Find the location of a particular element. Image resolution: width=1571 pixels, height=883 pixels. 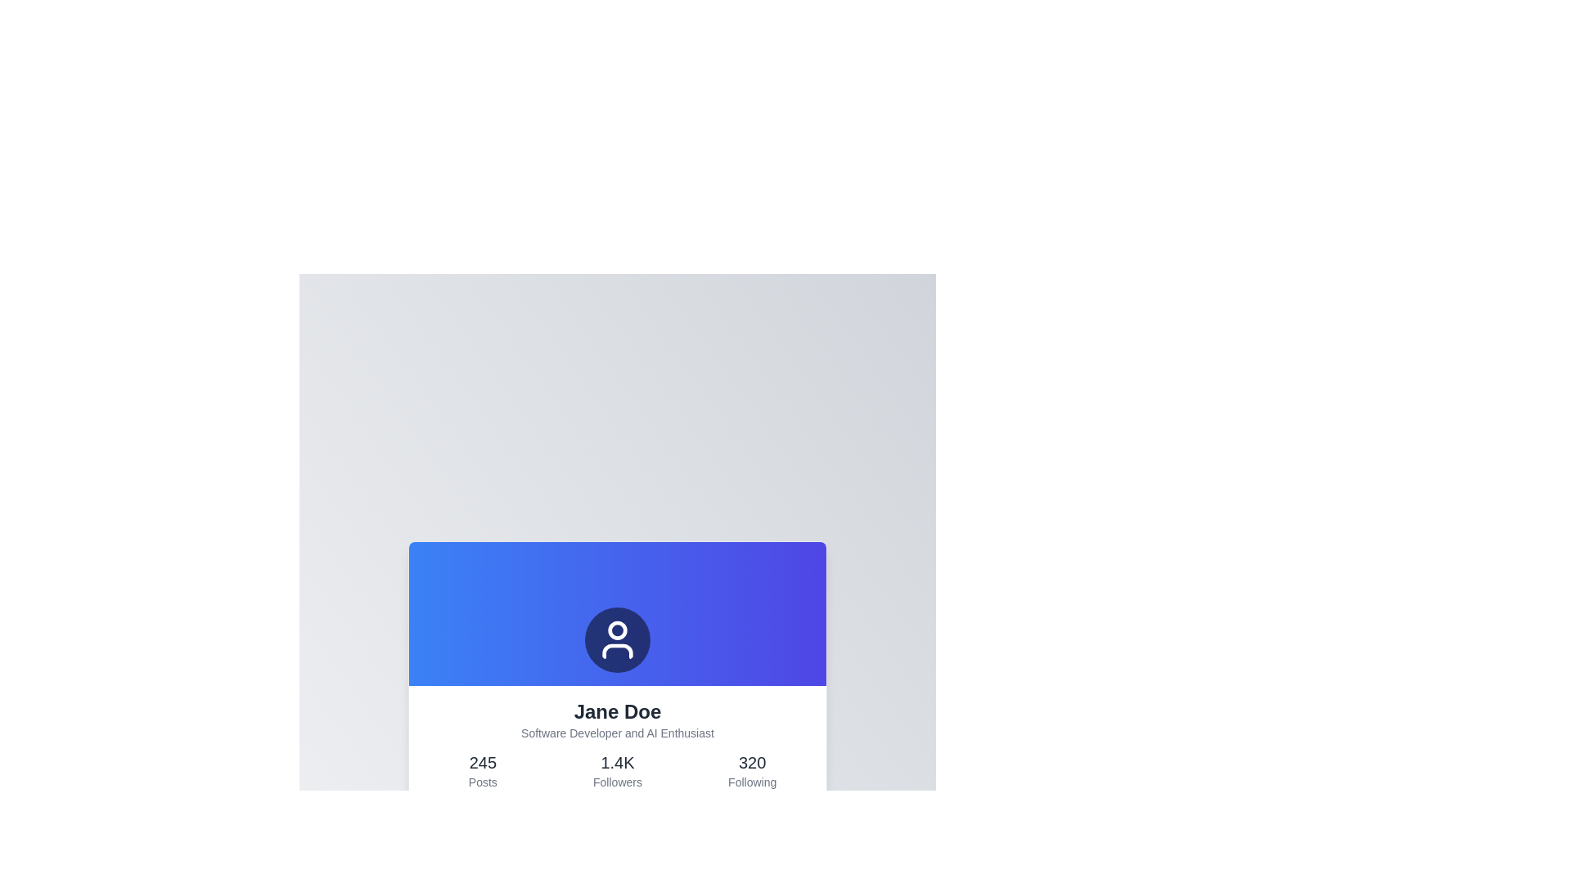

descriptive subtitle text located under the name 'Jane Doe' in the profile card layout is located at coordinates (616, 733).